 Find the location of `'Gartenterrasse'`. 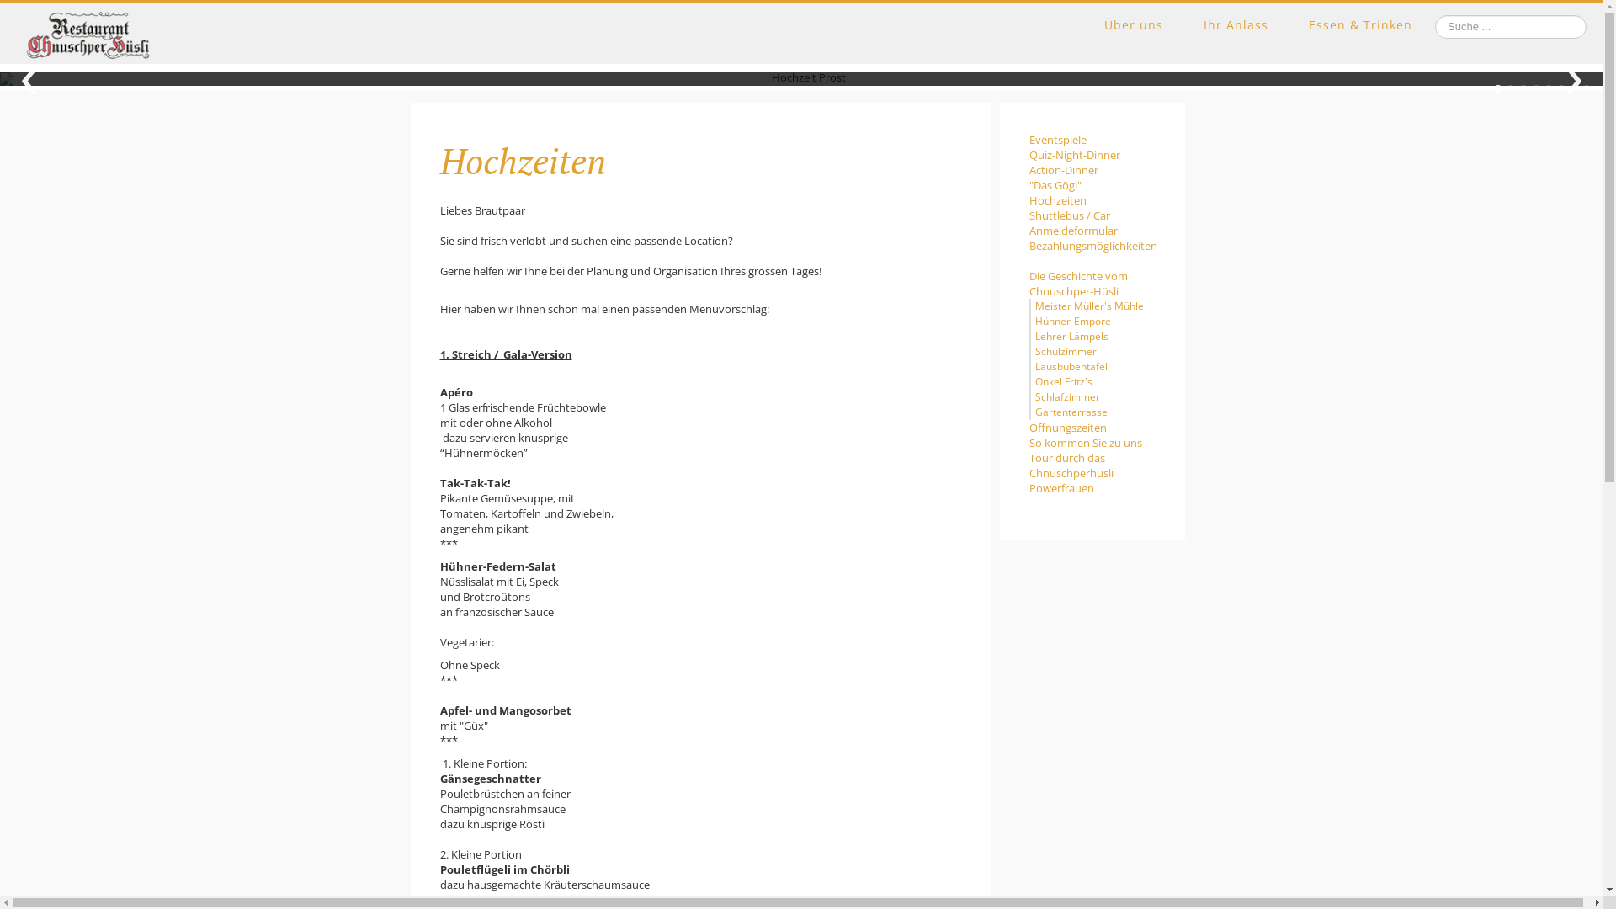

'Gartenterrasse' is located at coordinates (1070, 412).